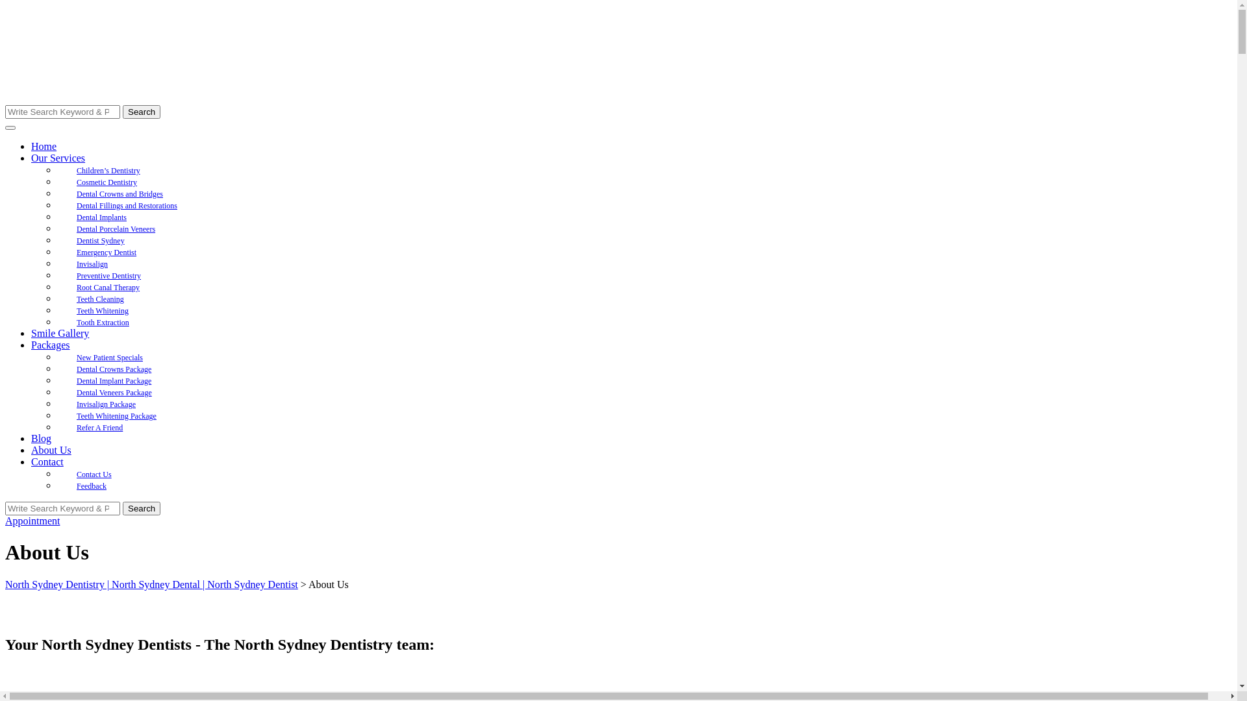 This screenshot has width=1247, height=701. Describe the element at coordinates (57, 157) in the screenshot. I see `'Our Services'` at that location.